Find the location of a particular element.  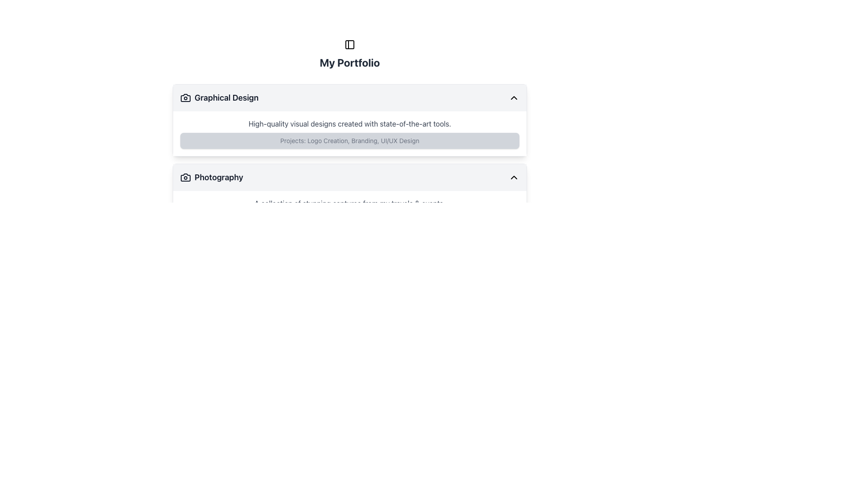

the SVG camera icon that is positioned to the left of the 'Graphical Design' text in the interface is located at coordinates (185, 98).